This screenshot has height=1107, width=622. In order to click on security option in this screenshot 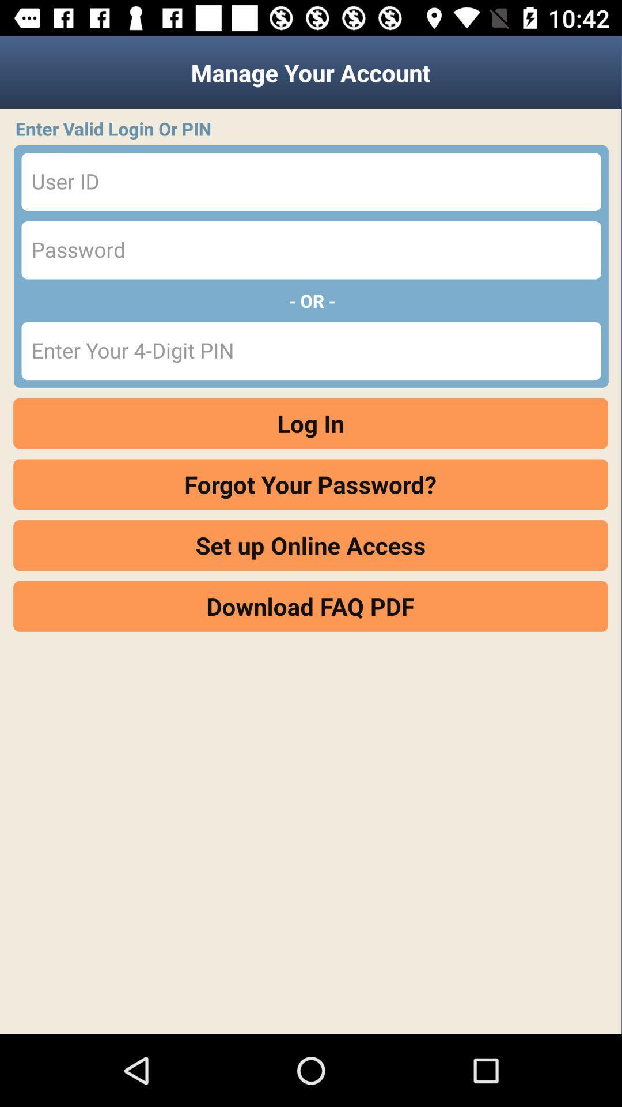, I will do `click(311, 250)`.